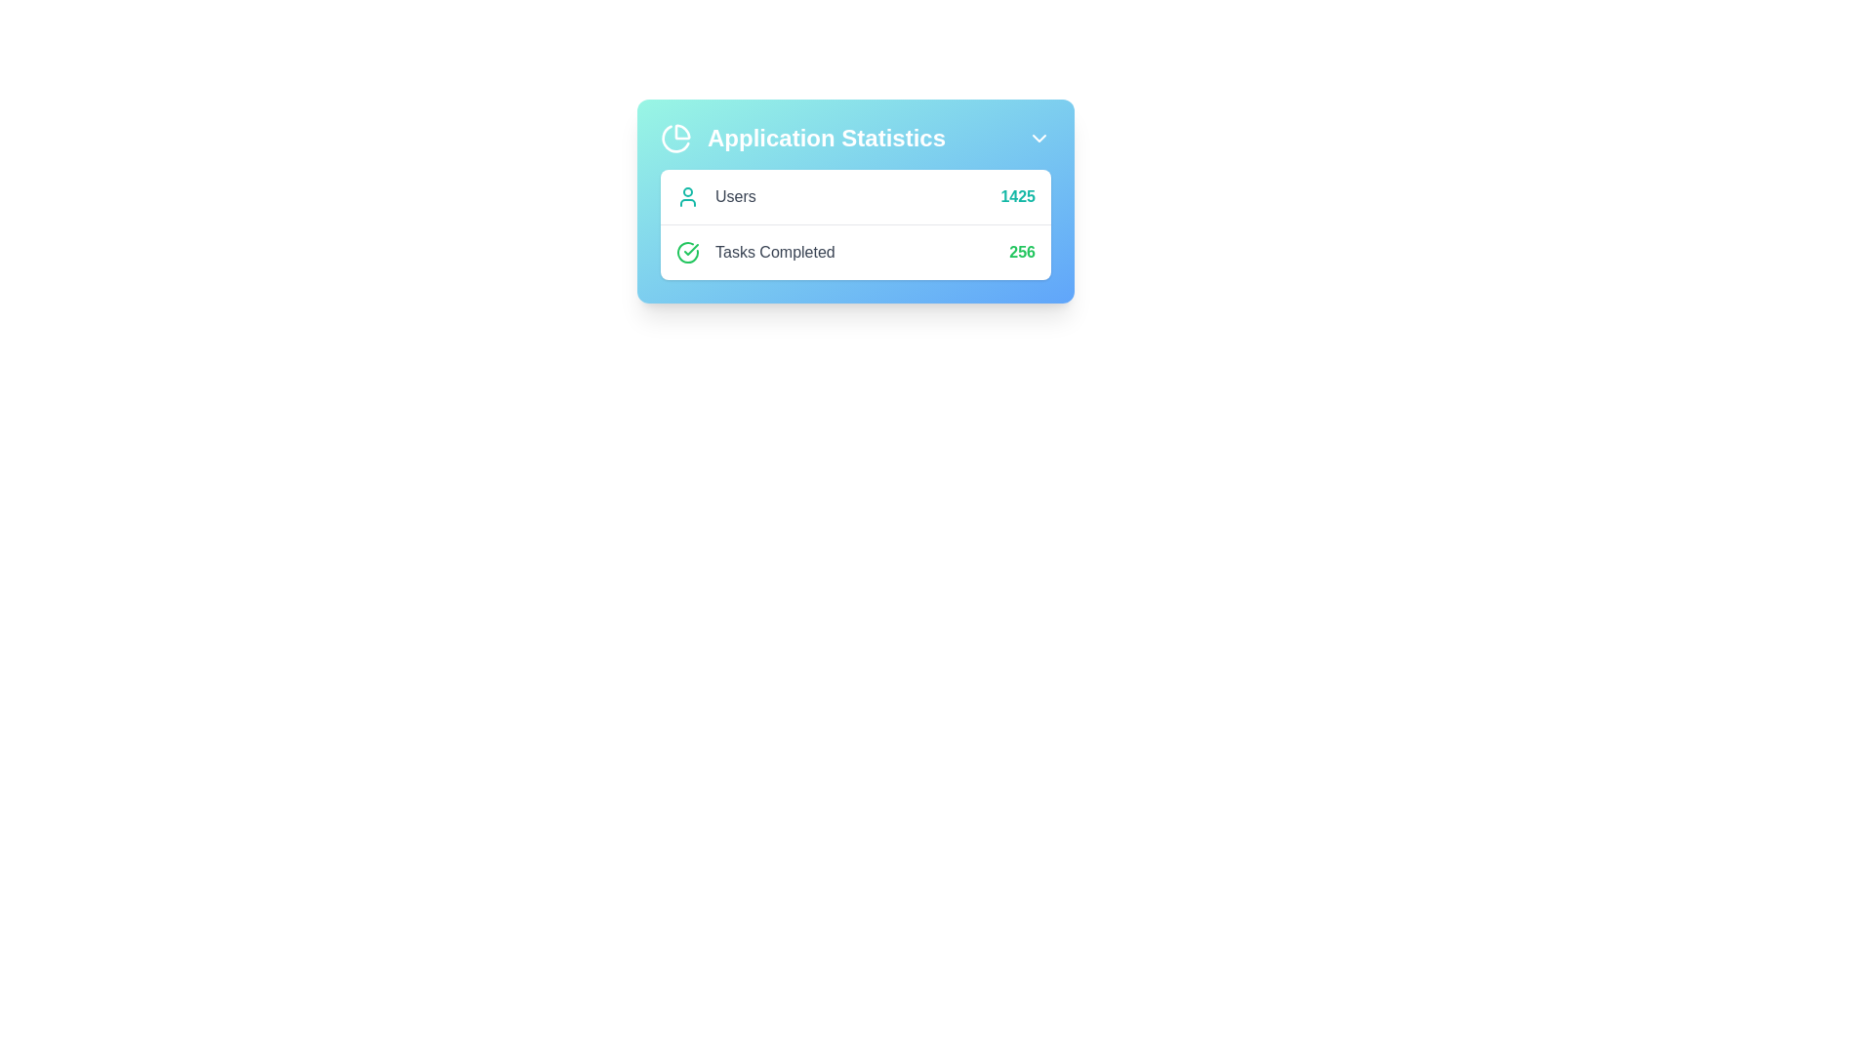 This screenshot has height=1054, width=1874. I want to click on the 'Users' text label in the 'Application Statistics' panel, which is styled in gray color and medium font weight, located next to the user profile icon and preceding the numerical value of 1425, so click(734, 196).